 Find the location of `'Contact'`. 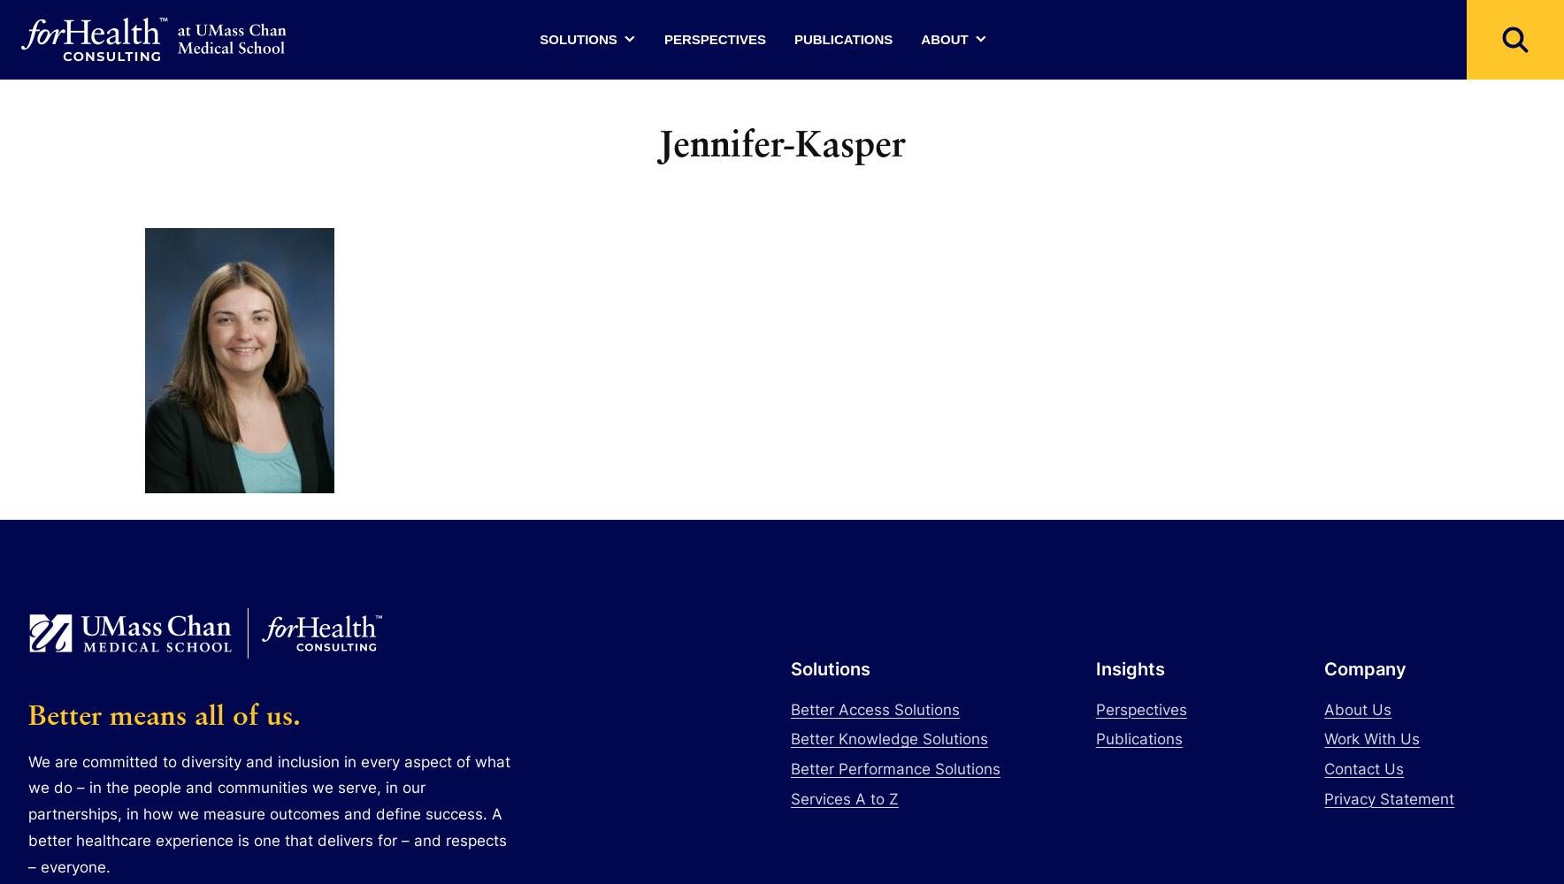

'Contact' is located at coordinates (945, 237).